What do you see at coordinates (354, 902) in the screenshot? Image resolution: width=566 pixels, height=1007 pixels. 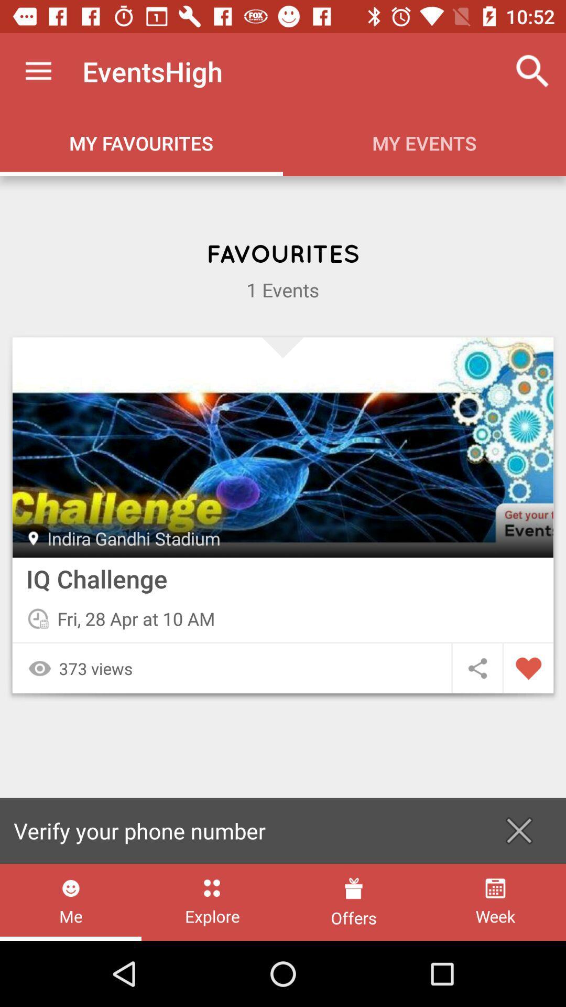 I see `the icon next to the week` at bounding box center [354, 902].